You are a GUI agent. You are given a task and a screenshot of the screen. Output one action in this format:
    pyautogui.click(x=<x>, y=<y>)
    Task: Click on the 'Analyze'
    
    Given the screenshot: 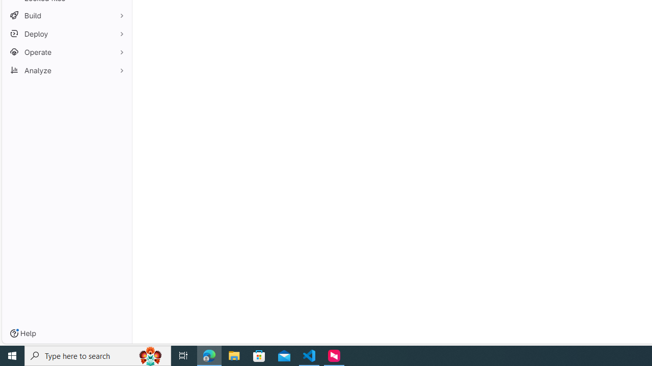 What is the action you would take?
    pyautogui.click(x=66, y=70)
    